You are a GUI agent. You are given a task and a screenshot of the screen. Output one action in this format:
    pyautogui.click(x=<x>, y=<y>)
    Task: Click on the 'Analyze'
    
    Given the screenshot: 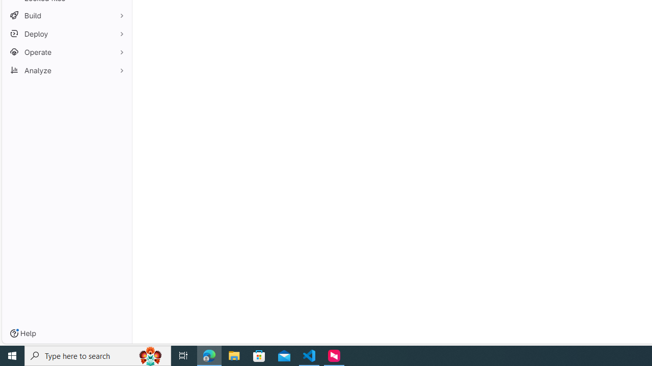 What is the action you would take?
    pyautogui.click(x=66, y=70)
    